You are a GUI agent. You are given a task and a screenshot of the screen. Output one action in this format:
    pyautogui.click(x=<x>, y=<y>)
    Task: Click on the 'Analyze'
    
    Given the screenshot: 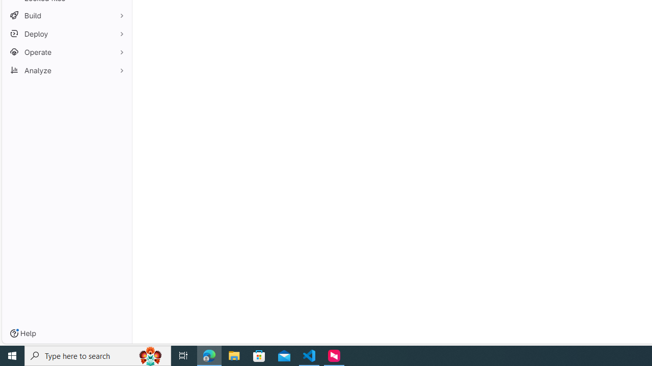 What is the action you would take?
    pyautogui.click(x=66, y=70)
    